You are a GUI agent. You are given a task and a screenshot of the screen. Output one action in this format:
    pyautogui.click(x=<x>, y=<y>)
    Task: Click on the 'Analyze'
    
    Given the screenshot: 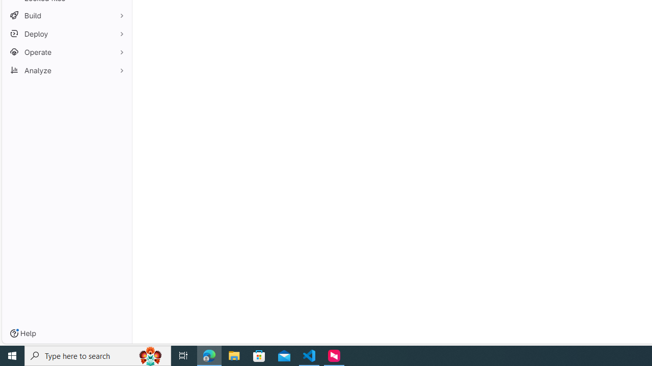 What is the action you would take?
    pyautogui.click(x=66, y=70)
    